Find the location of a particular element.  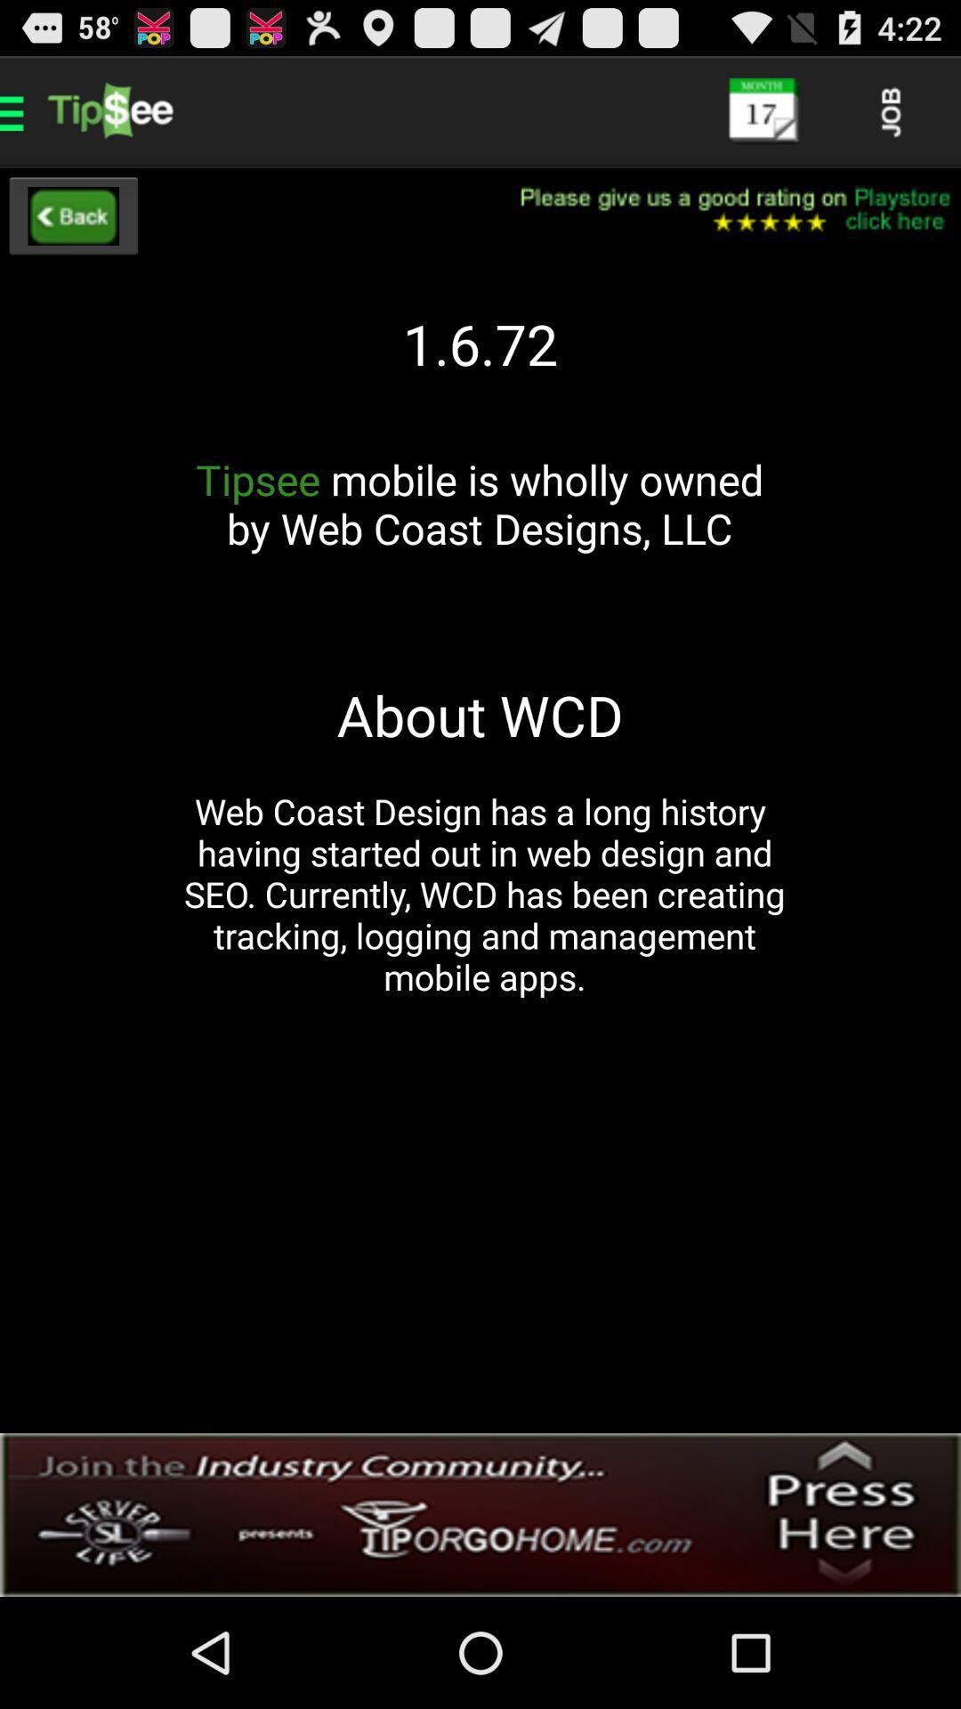

tipsee mobile is item is located at coordinates (479, 528).